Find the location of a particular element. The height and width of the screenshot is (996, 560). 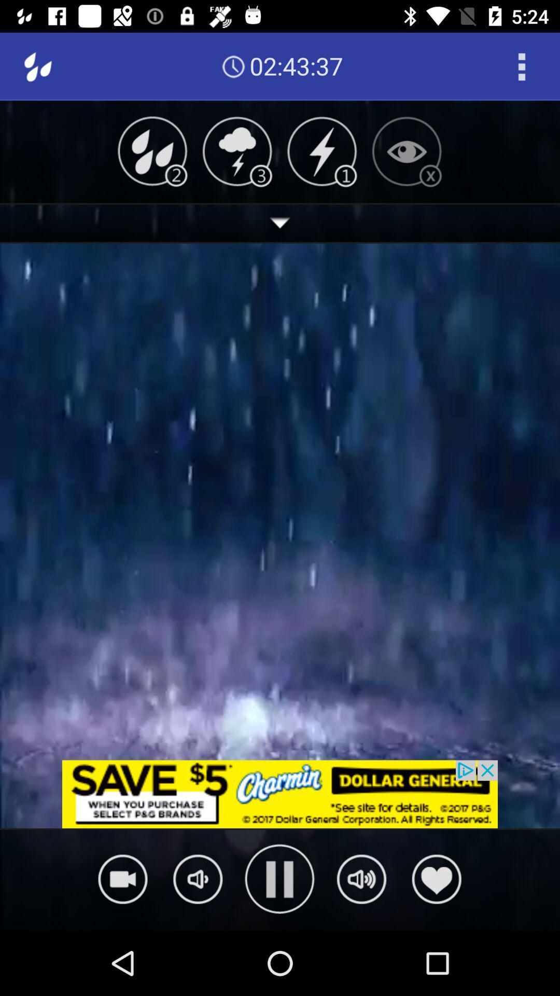

the visibility icon is located at coordinates (406, 151).